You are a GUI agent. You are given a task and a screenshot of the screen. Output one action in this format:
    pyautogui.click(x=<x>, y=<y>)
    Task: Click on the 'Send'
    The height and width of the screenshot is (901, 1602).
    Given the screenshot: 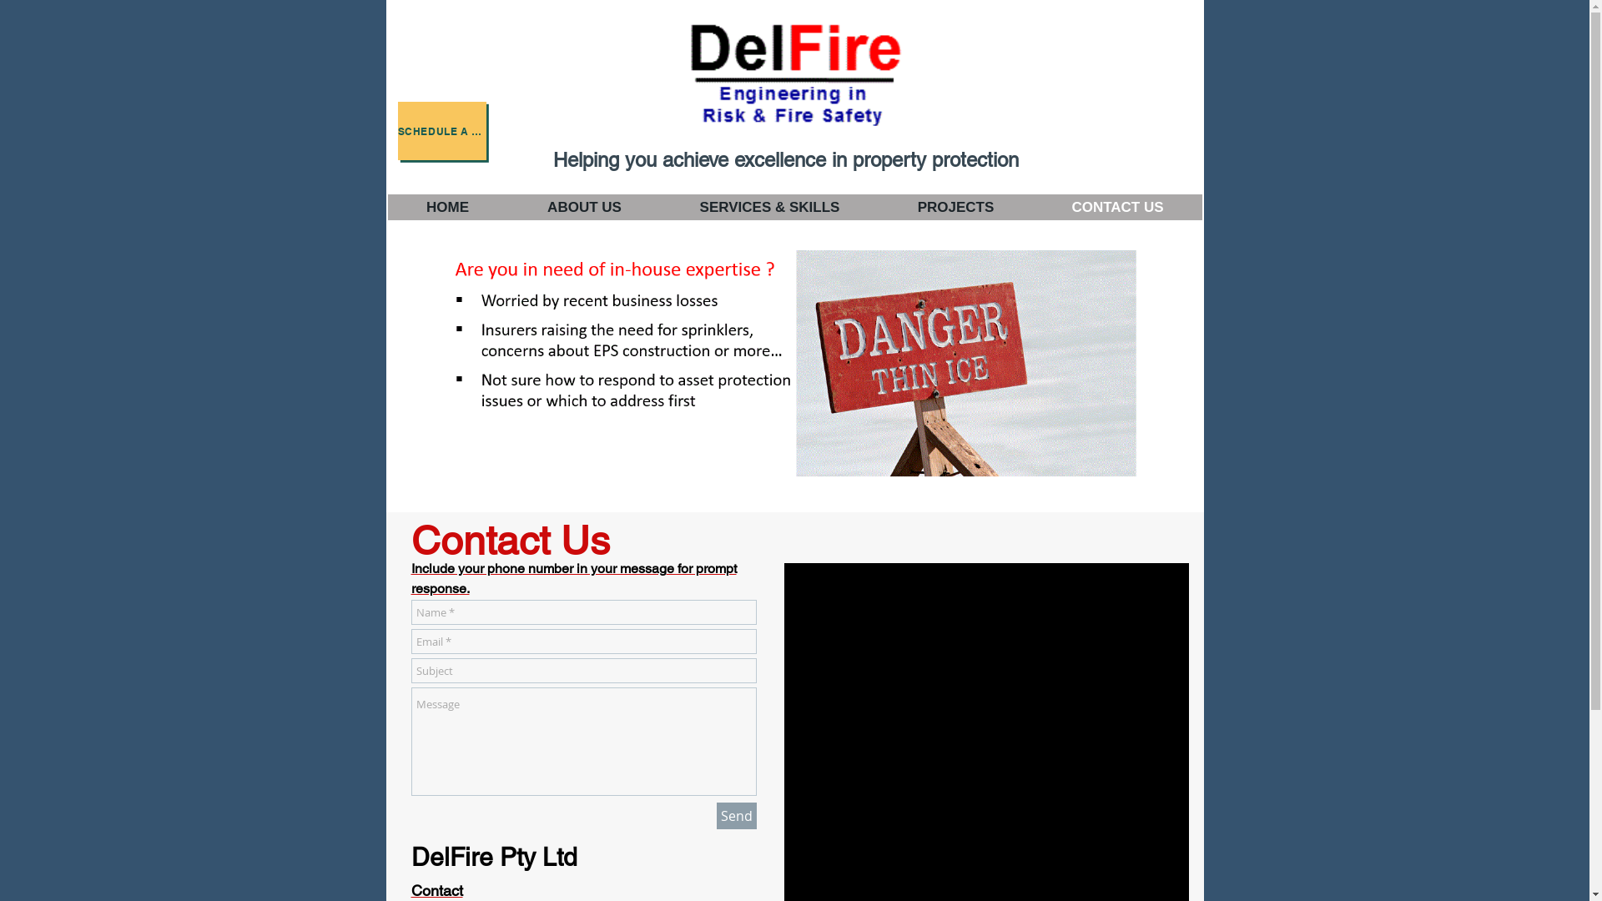 What is the action you would take?
    pyautogui.click(x=735, y=815)
    